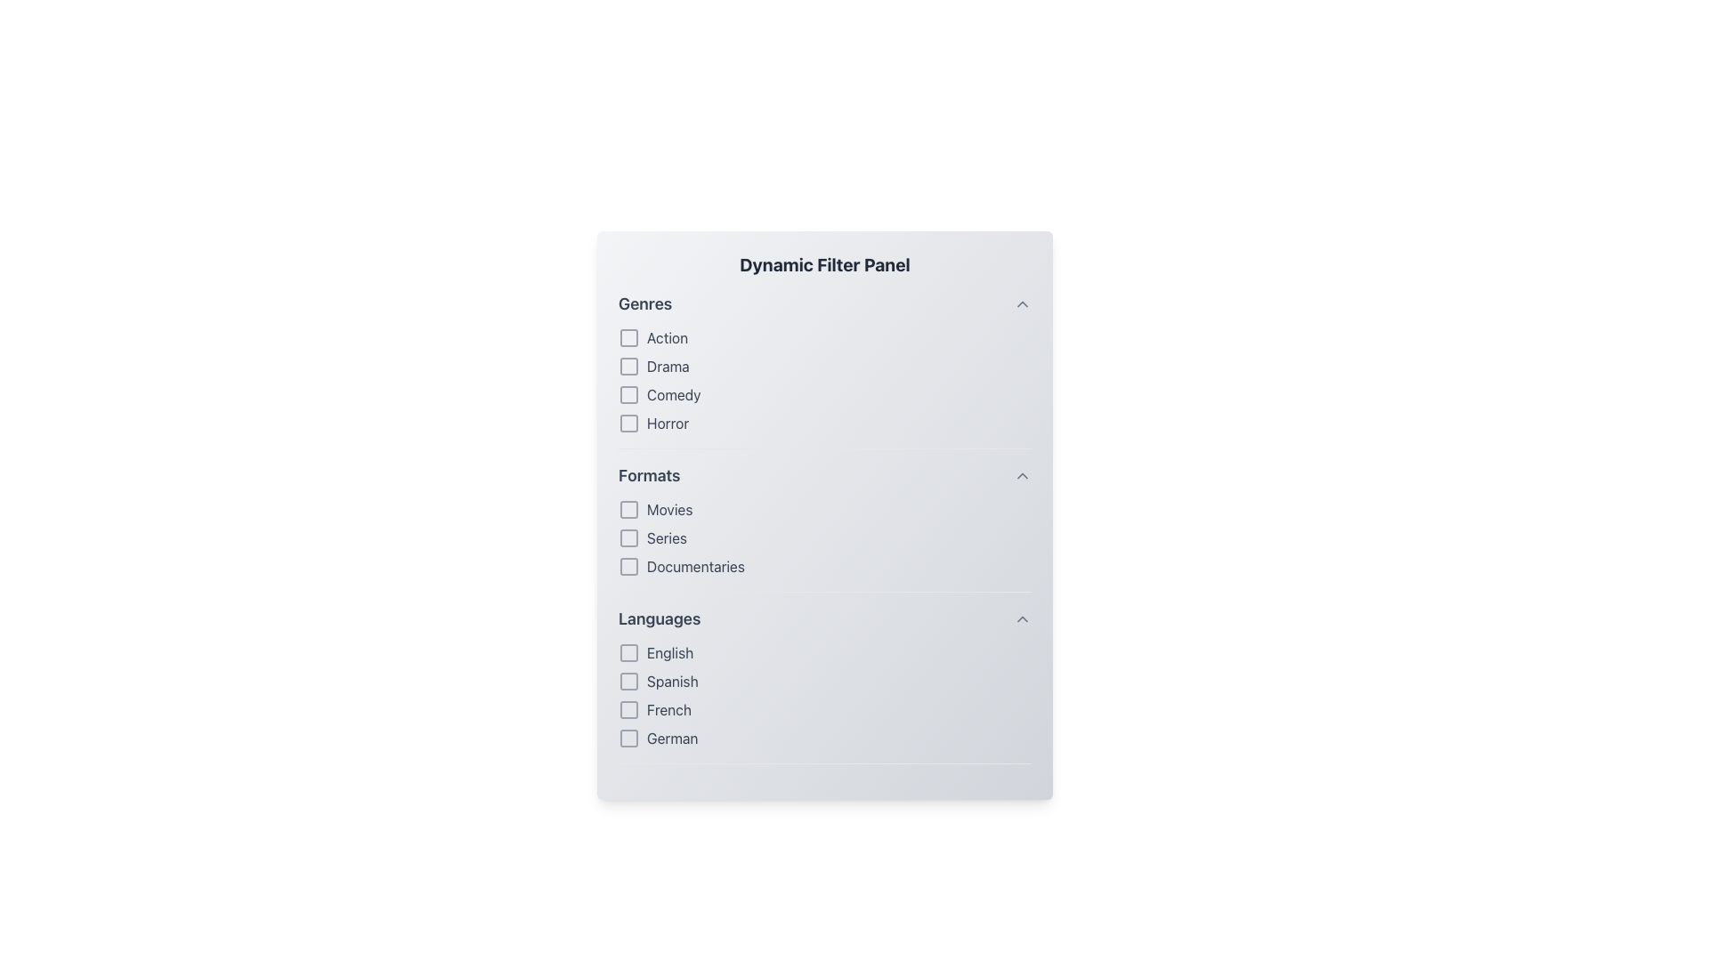  I want to click on the checkbox labeled 'French', so click(823, 709).